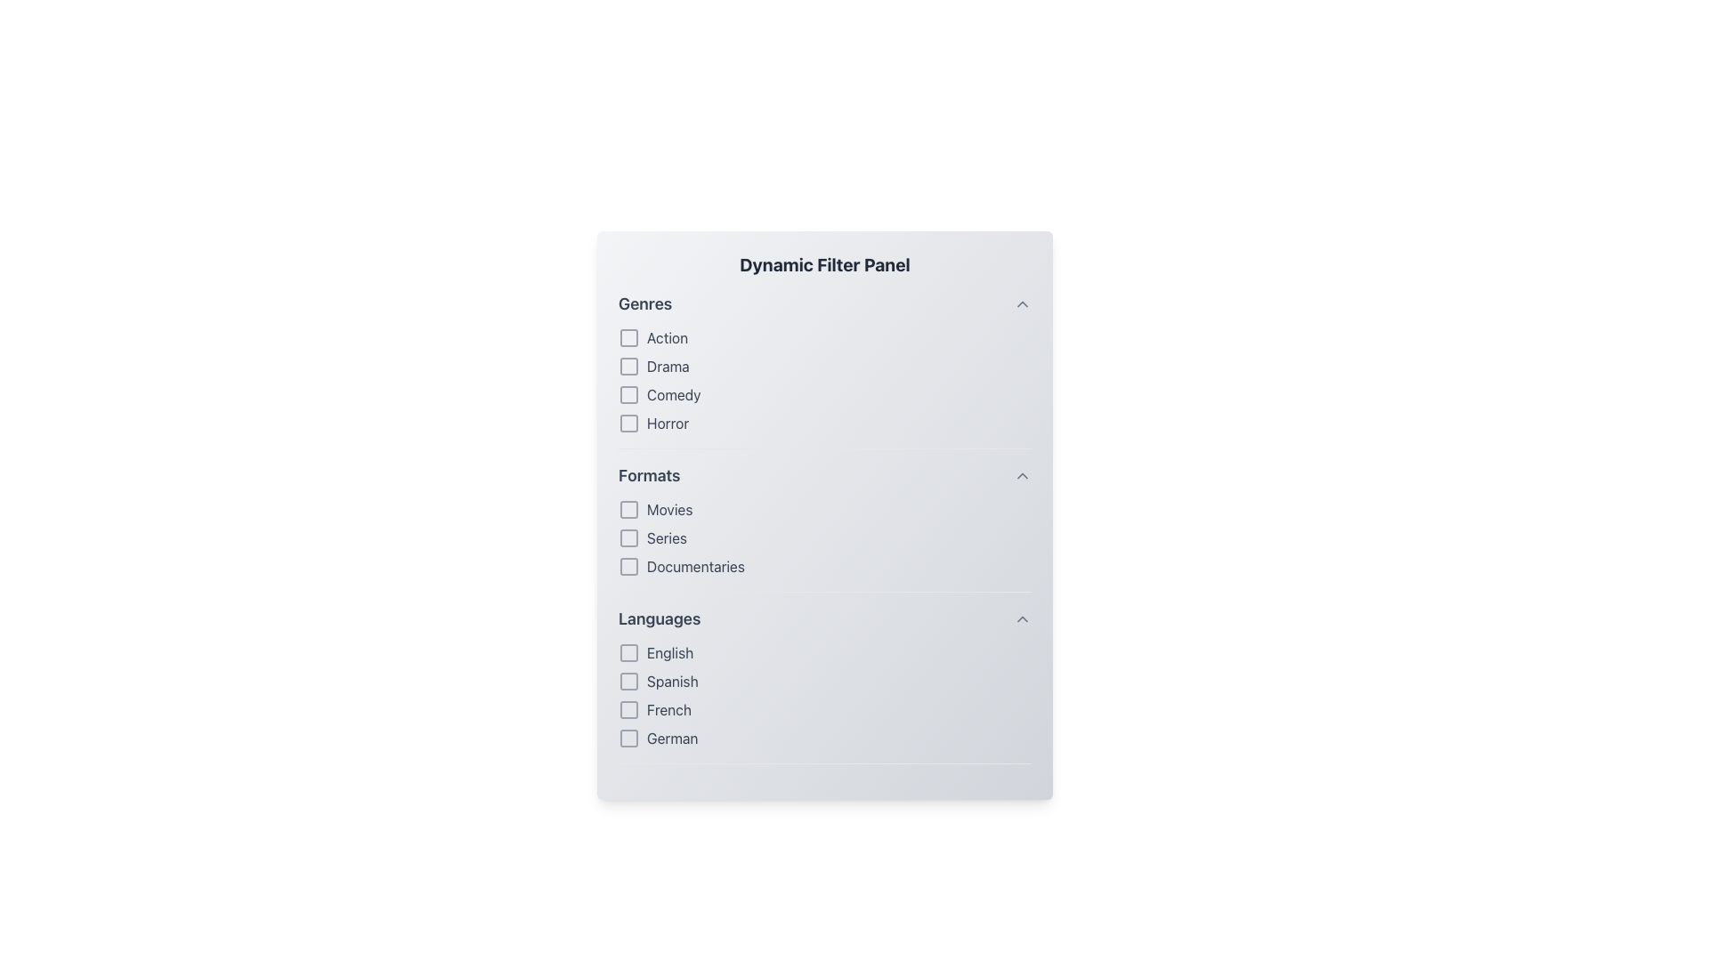  I want to click on the checkbox labeled 'French', so click(823, 709).